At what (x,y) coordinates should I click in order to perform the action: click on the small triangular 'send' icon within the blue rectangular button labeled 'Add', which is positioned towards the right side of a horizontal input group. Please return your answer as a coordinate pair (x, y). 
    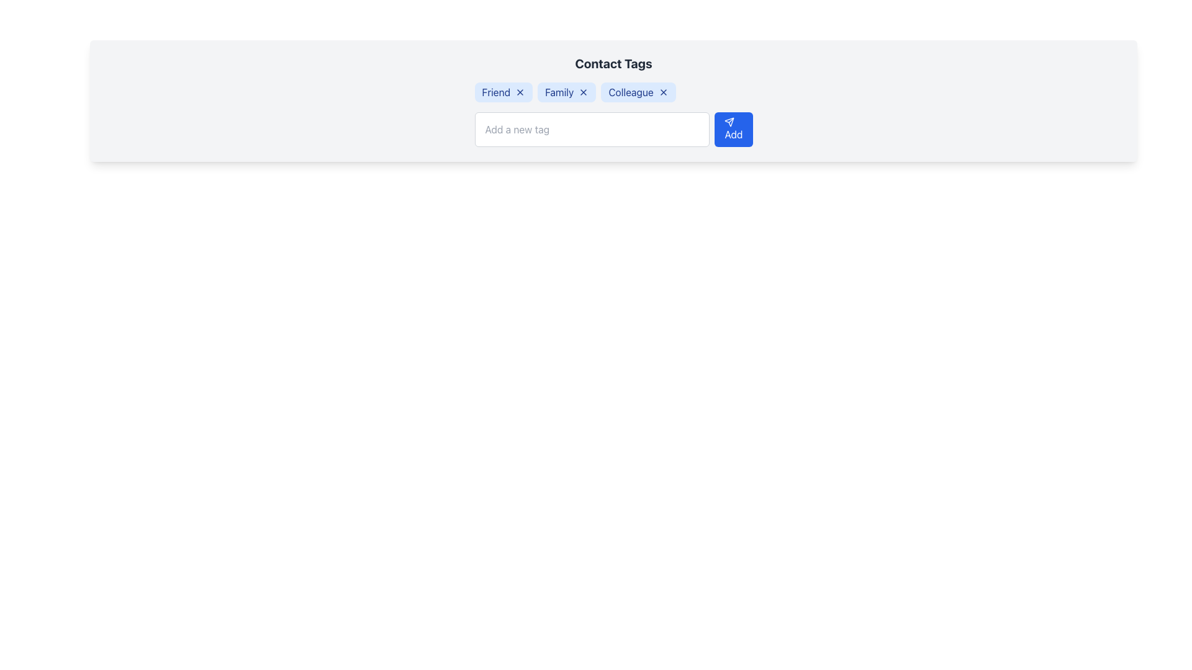
    Looking at the image, I should click on (729, 122).